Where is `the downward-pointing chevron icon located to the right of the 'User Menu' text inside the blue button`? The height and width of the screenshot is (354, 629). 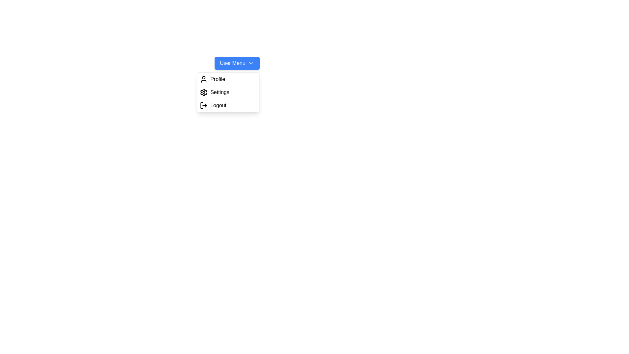
the downward-pointing chevron icon located to the right of the 'User Menu' text inside the blue button is located at coordinates (251, 63).